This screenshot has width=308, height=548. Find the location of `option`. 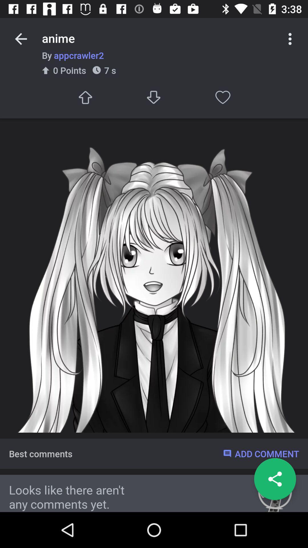

option is located at coordinates (154, 97).